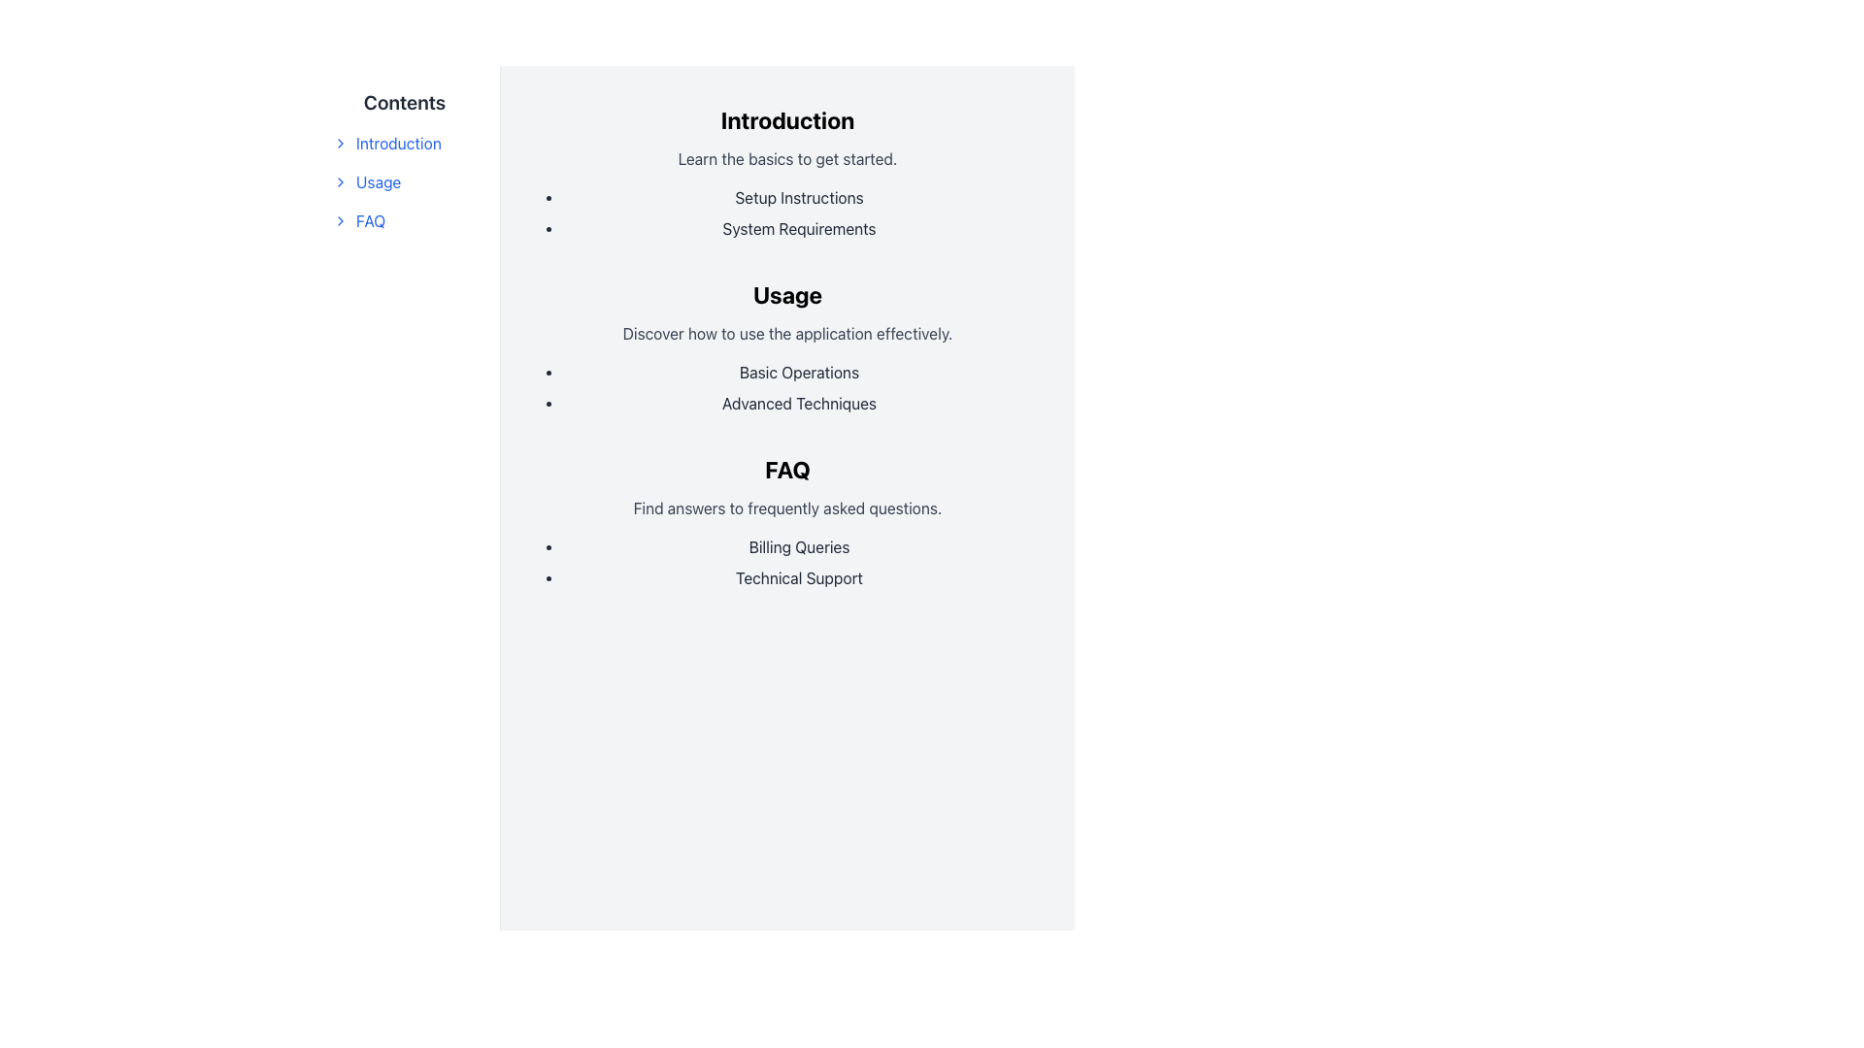  Describe the element at coordinates (799, 373) in the screenshot. I see `the textual label 'Basic Operations' which is styled in gray (#808080) and located under the 'Usage' section in a vertical list` at that location.